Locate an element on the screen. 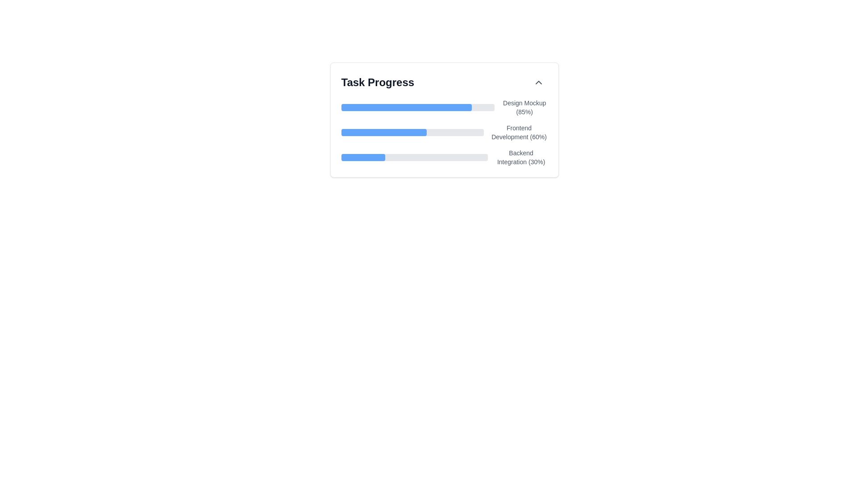 The height and width of the screenshot is (482, 857). the grouped progress bar display located below the 'Task Progress' heading is located at coordinates (444, 133).